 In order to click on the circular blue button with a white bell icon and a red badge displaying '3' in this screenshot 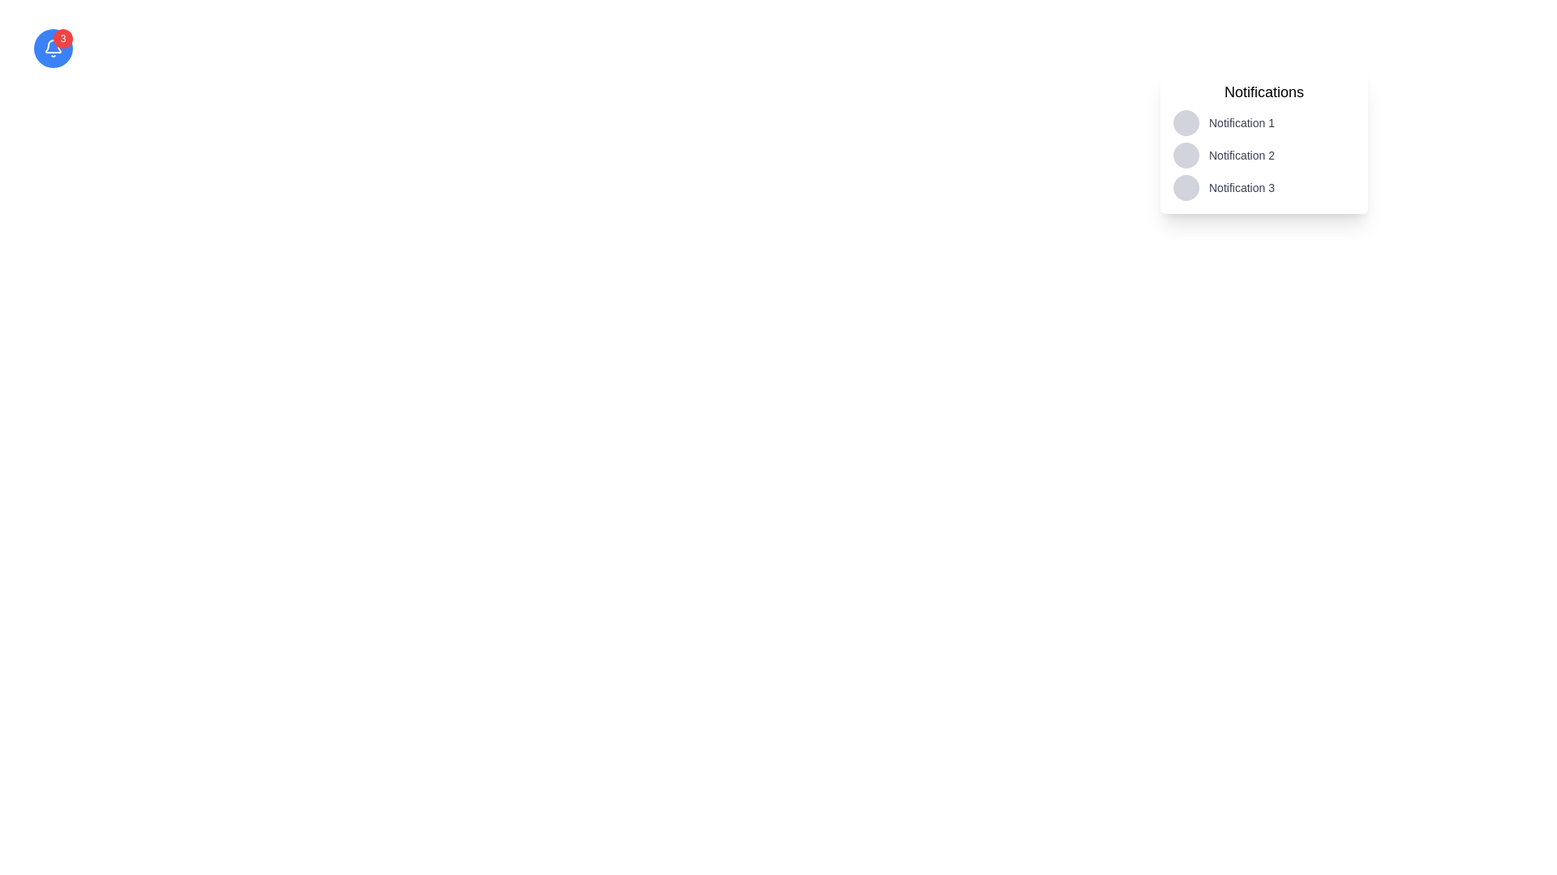, I will do `click(54, 48)`.